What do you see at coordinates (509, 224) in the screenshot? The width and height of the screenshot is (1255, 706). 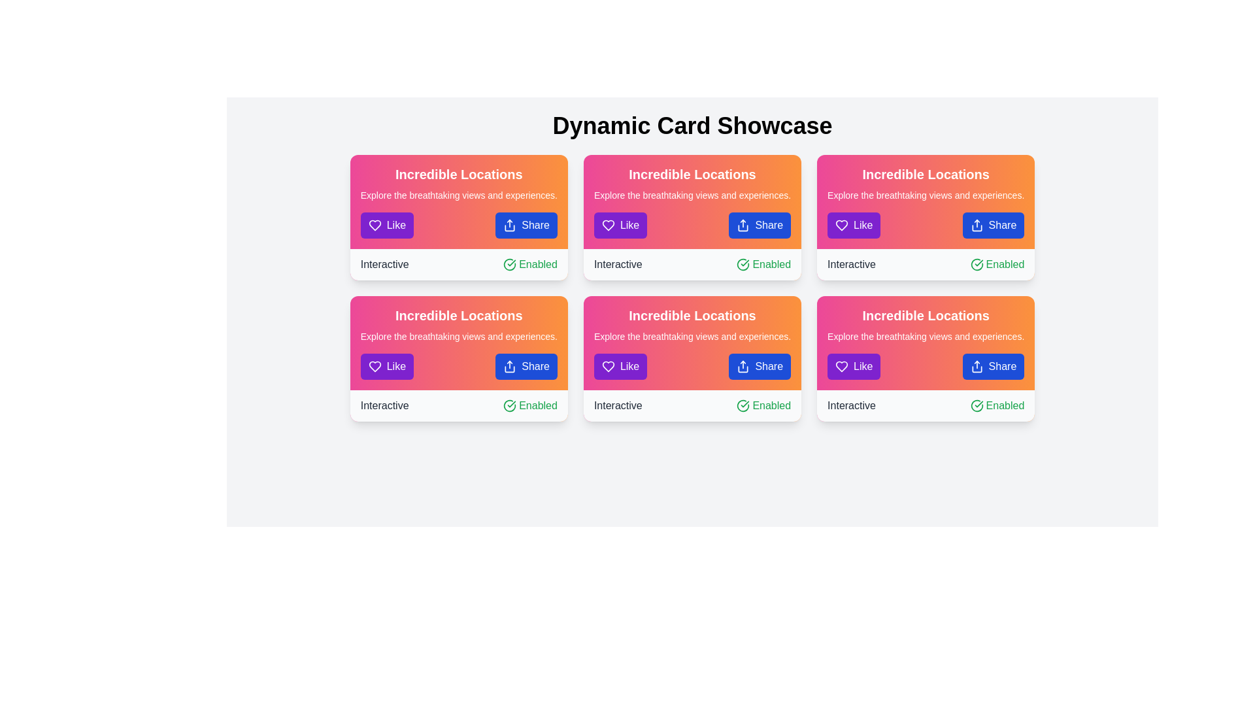 I see `the share icon located at the bottom-right of the second card in the top row` at bounding box center [509, 224].